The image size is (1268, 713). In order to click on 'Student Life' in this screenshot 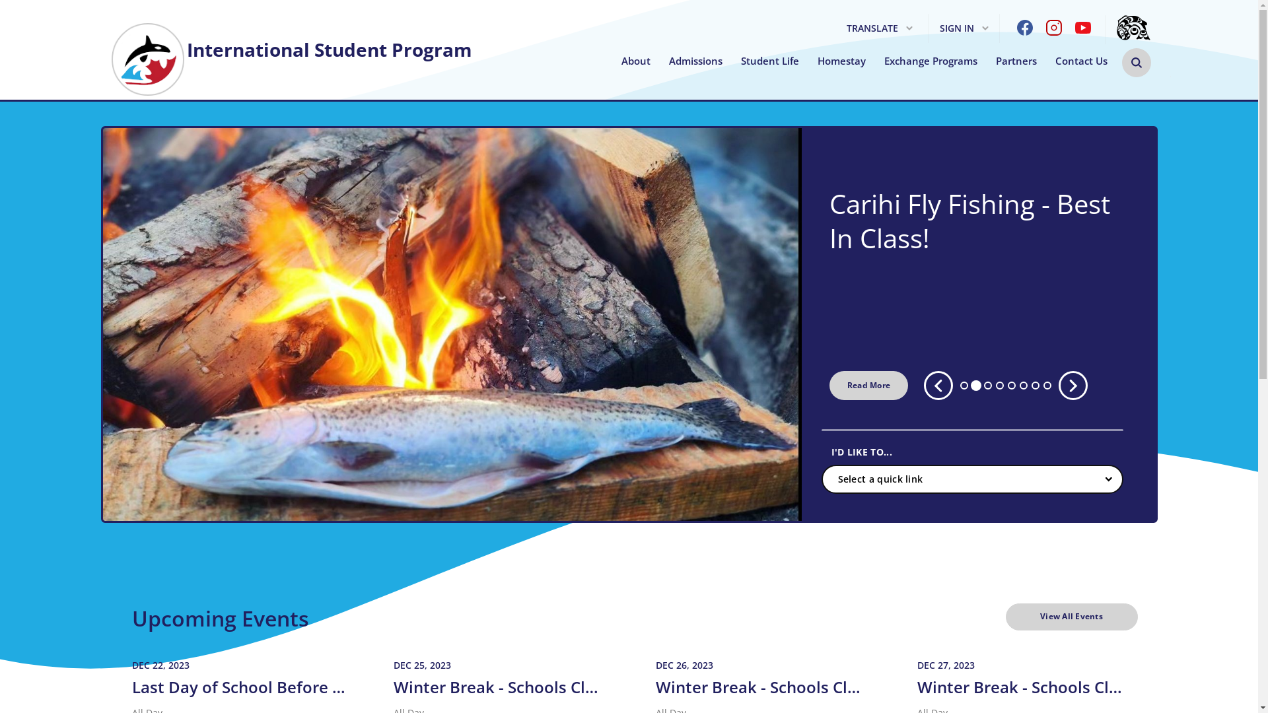, I will do `click(770, 61)`.